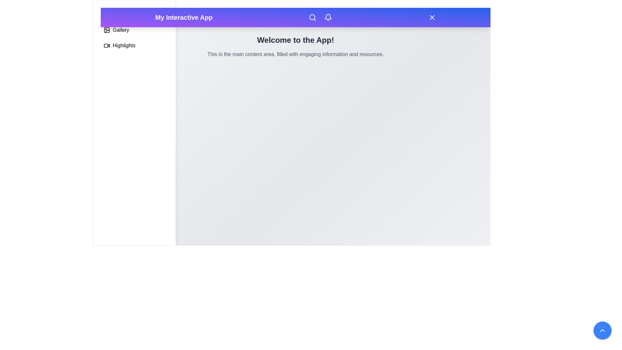 The height and width of the screenshot is (350, 622). What do you see at coordinates (328, 17) in the screenshot?
I see `the Interactive icon (notification bell) in the top-right corner of the application interface to change its color` at bounding box center [328, 17].